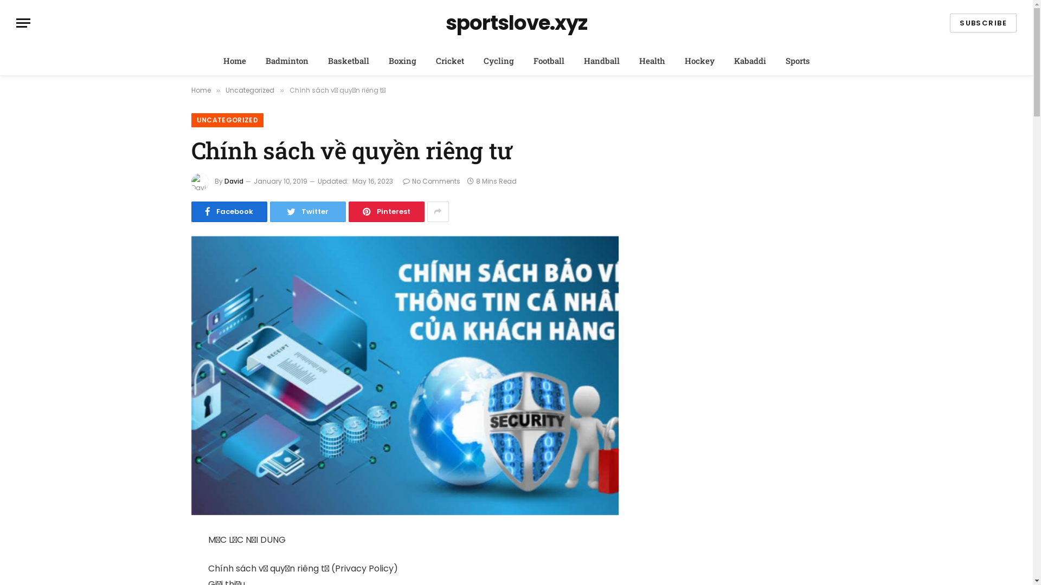  Describe the element at coordinates (225, 89) in the screenshot. I see `'Uncategorized'` at that location.